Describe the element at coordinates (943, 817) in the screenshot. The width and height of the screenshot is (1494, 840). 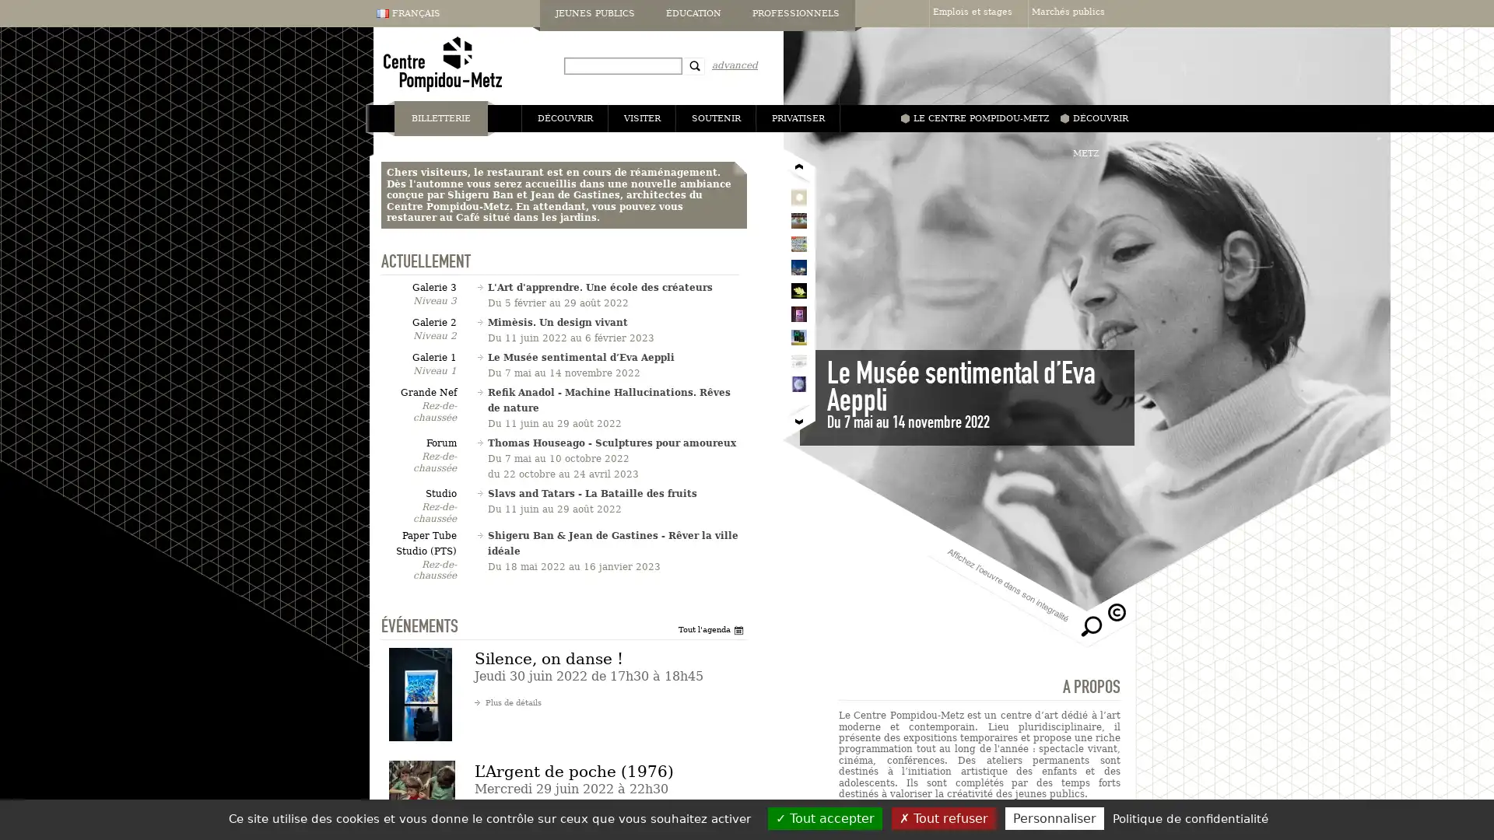
I see `Tout refuser` at that location.